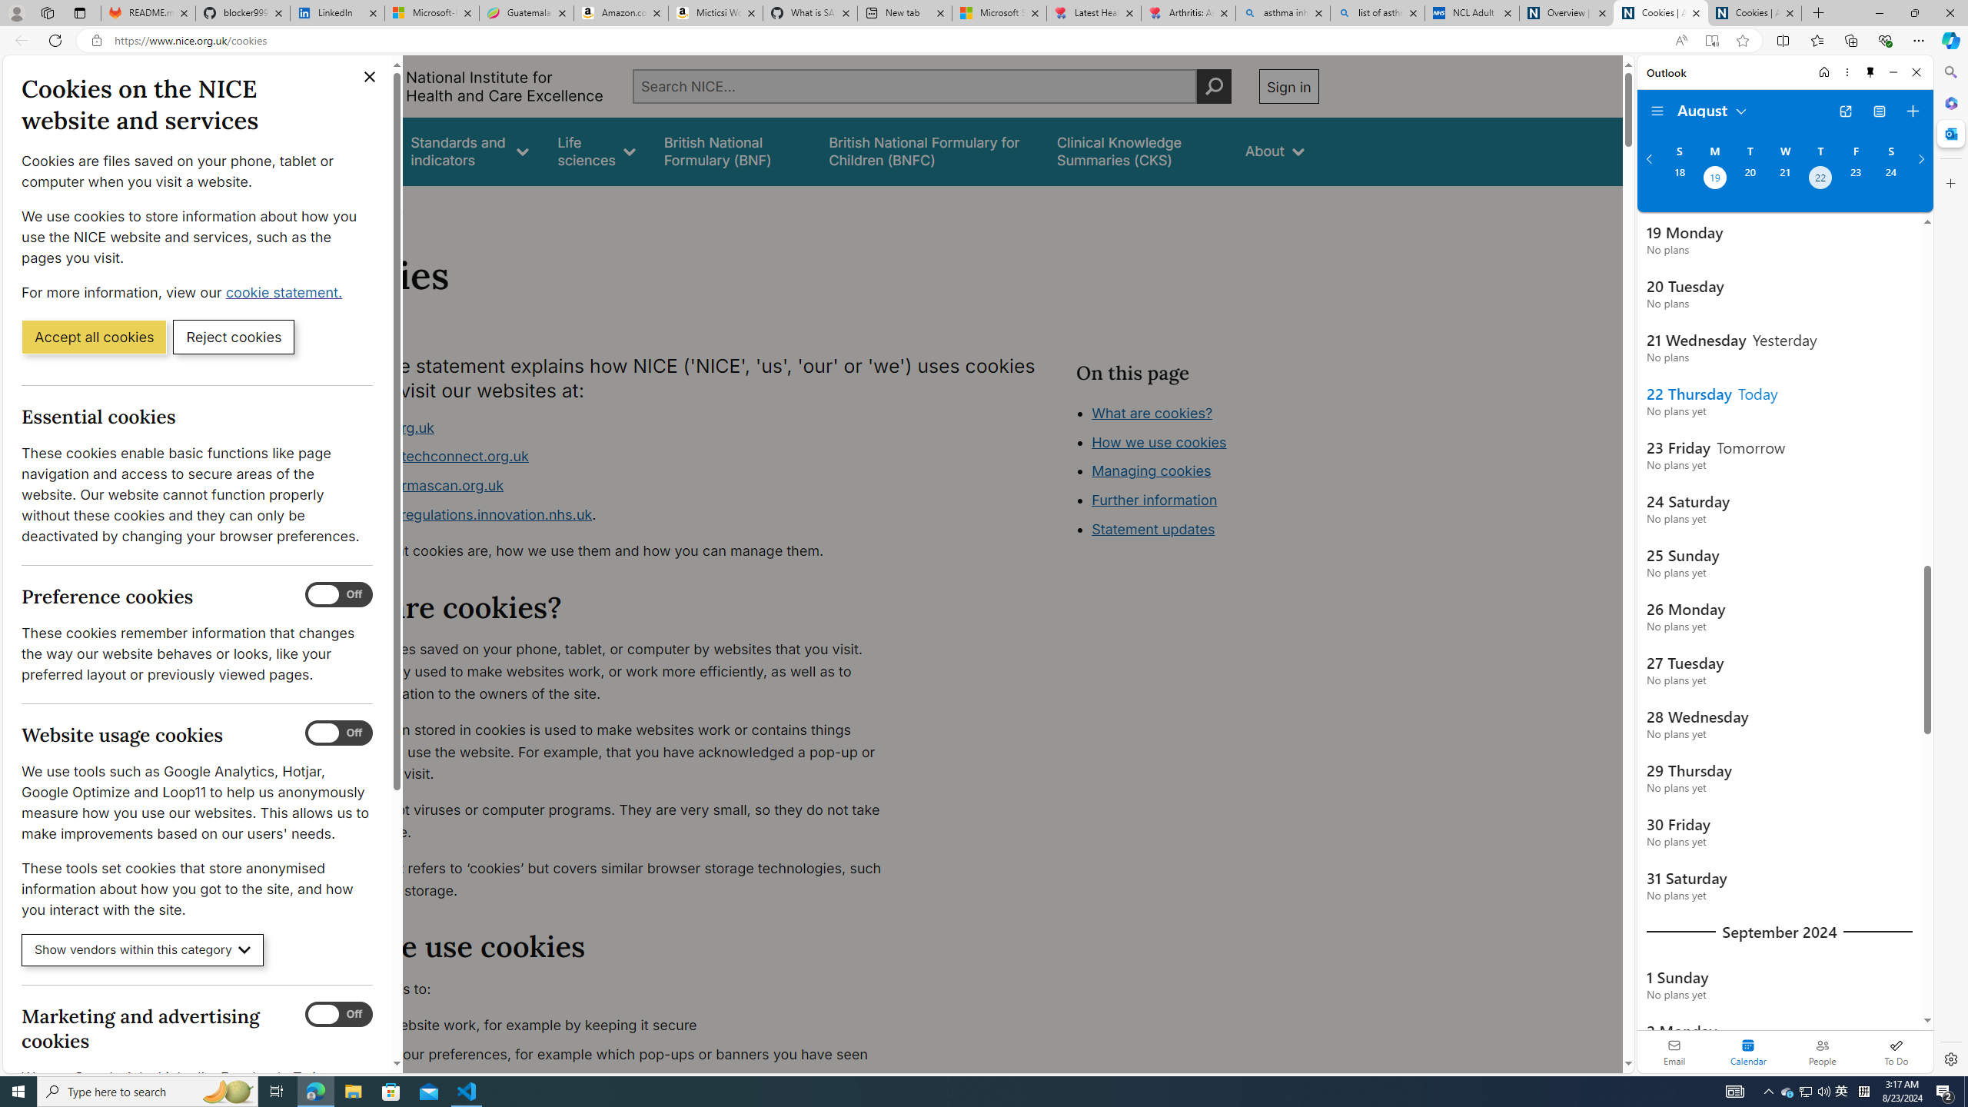 The image size is (1968, 1107). Describe the element at coordinates (1159, 441) in the screenshot. I see `'How we use cookies'` at that location.